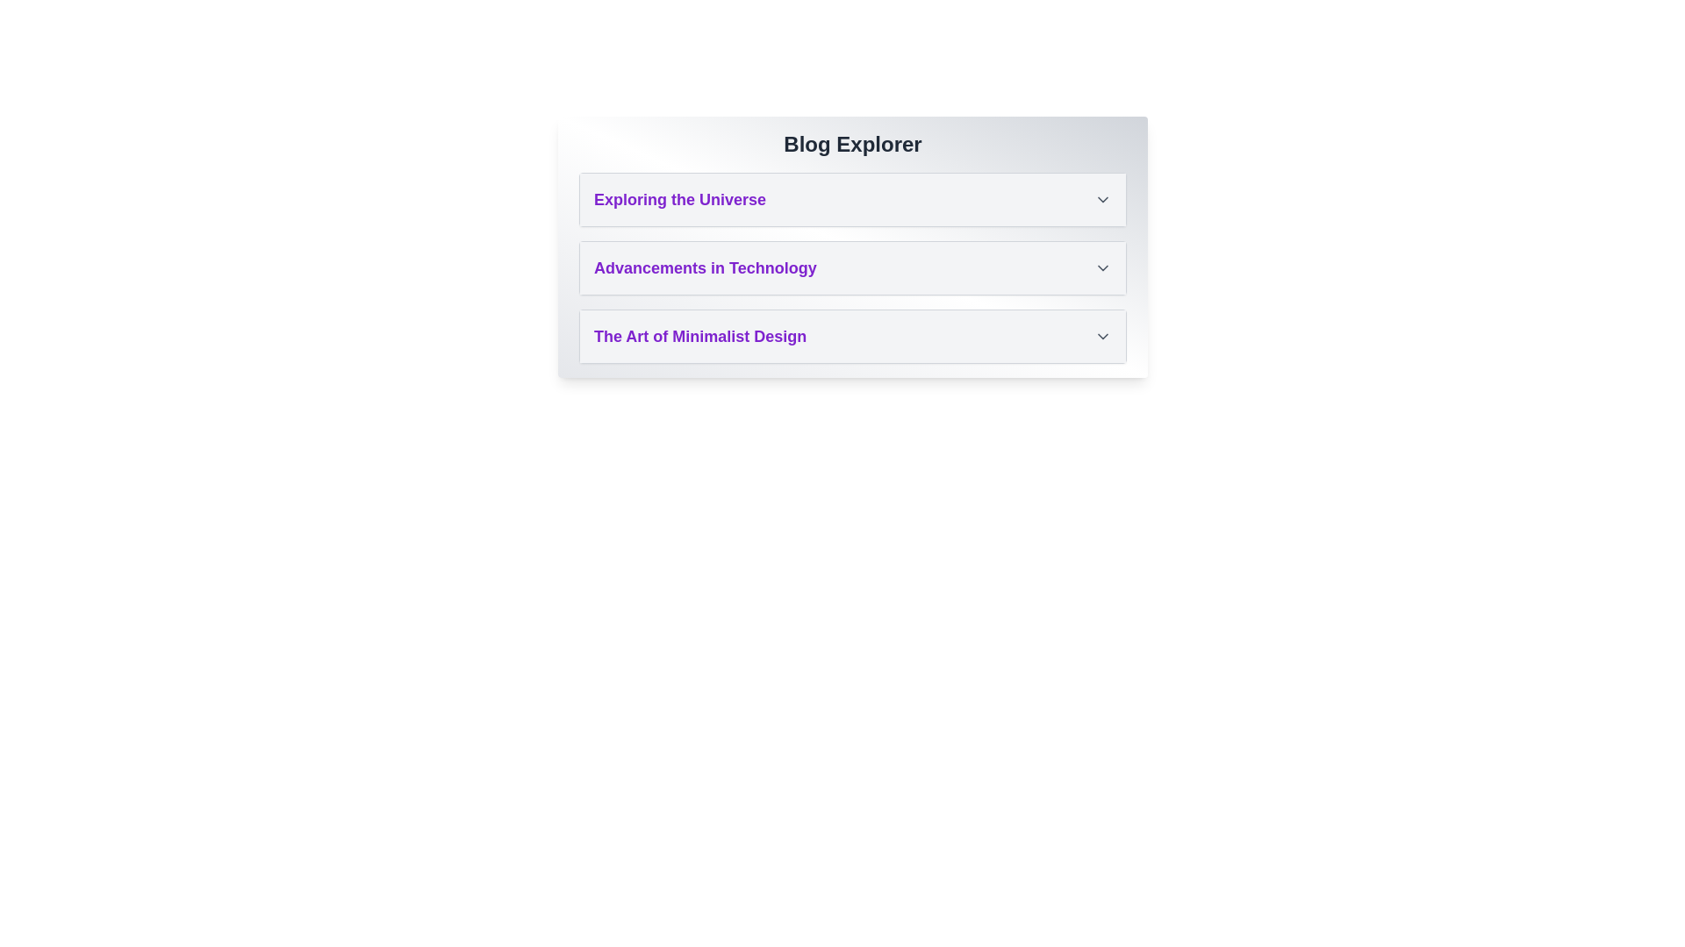  I want to click on the text headline 'The Art of Minimalist Design' within the collapsible menu titled 'Blog Explorer', which is the third entry in the list, so click(699, 337).